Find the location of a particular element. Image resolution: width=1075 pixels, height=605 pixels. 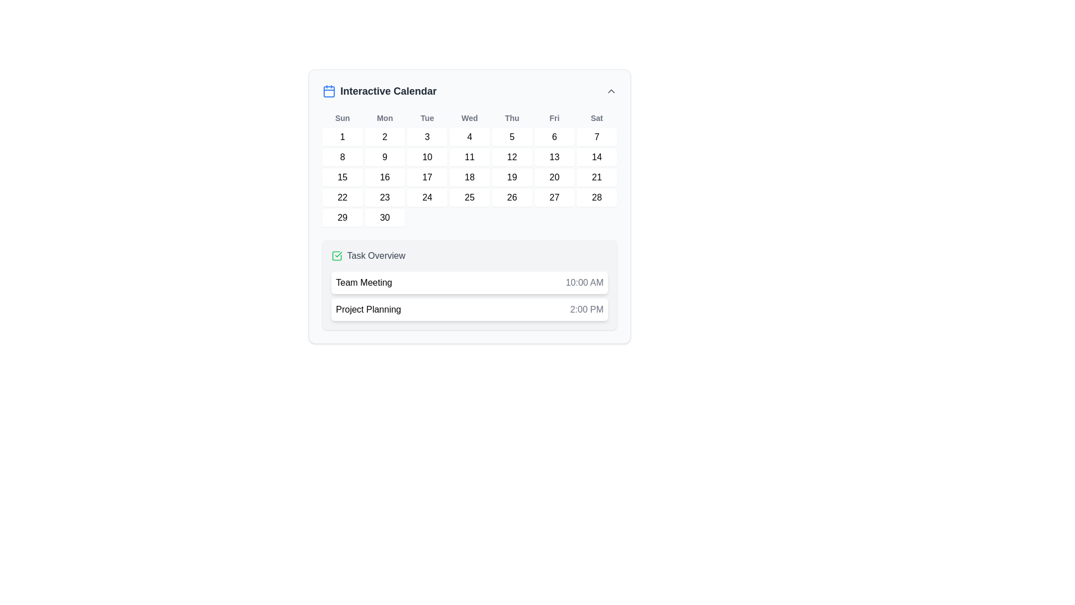

the bold gray text element displaying 'Mon', which is the second day in a row of days of the week in a calendar view is located at coordinates (385, 118).